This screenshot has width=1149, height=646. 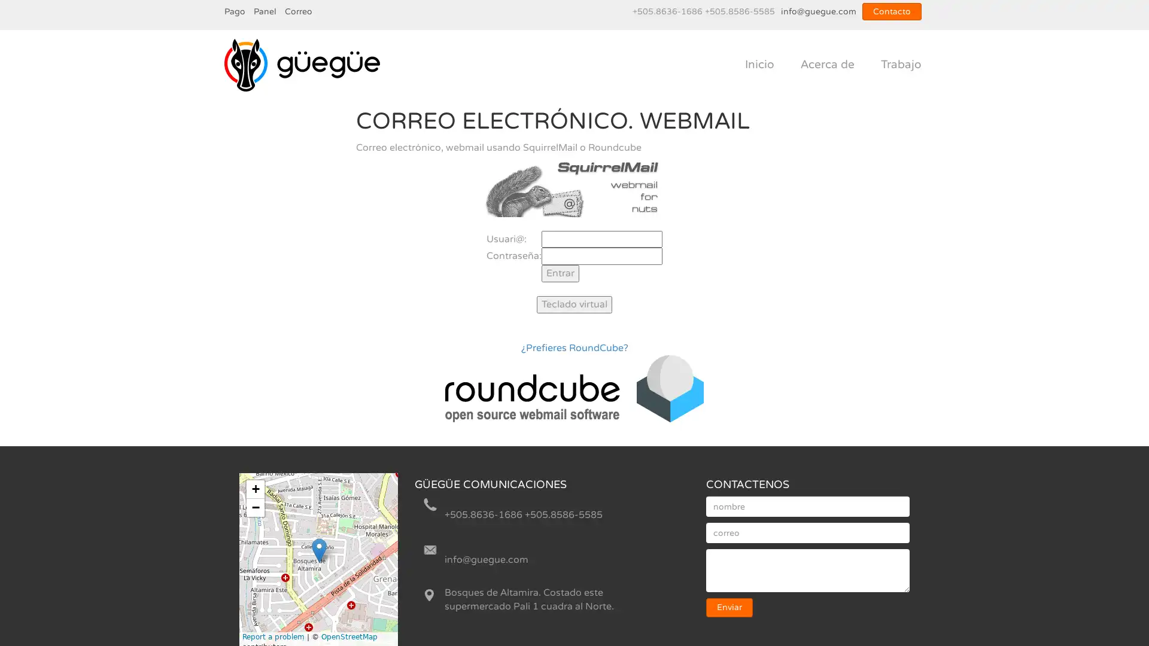 I want to click on Entrar, so click(x=560, y=273).